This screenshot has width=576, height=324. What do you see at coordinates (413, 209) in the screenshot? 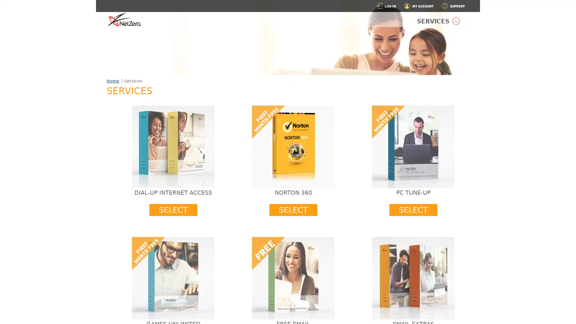
I see `SELECT` at bounding box center [413, 209].